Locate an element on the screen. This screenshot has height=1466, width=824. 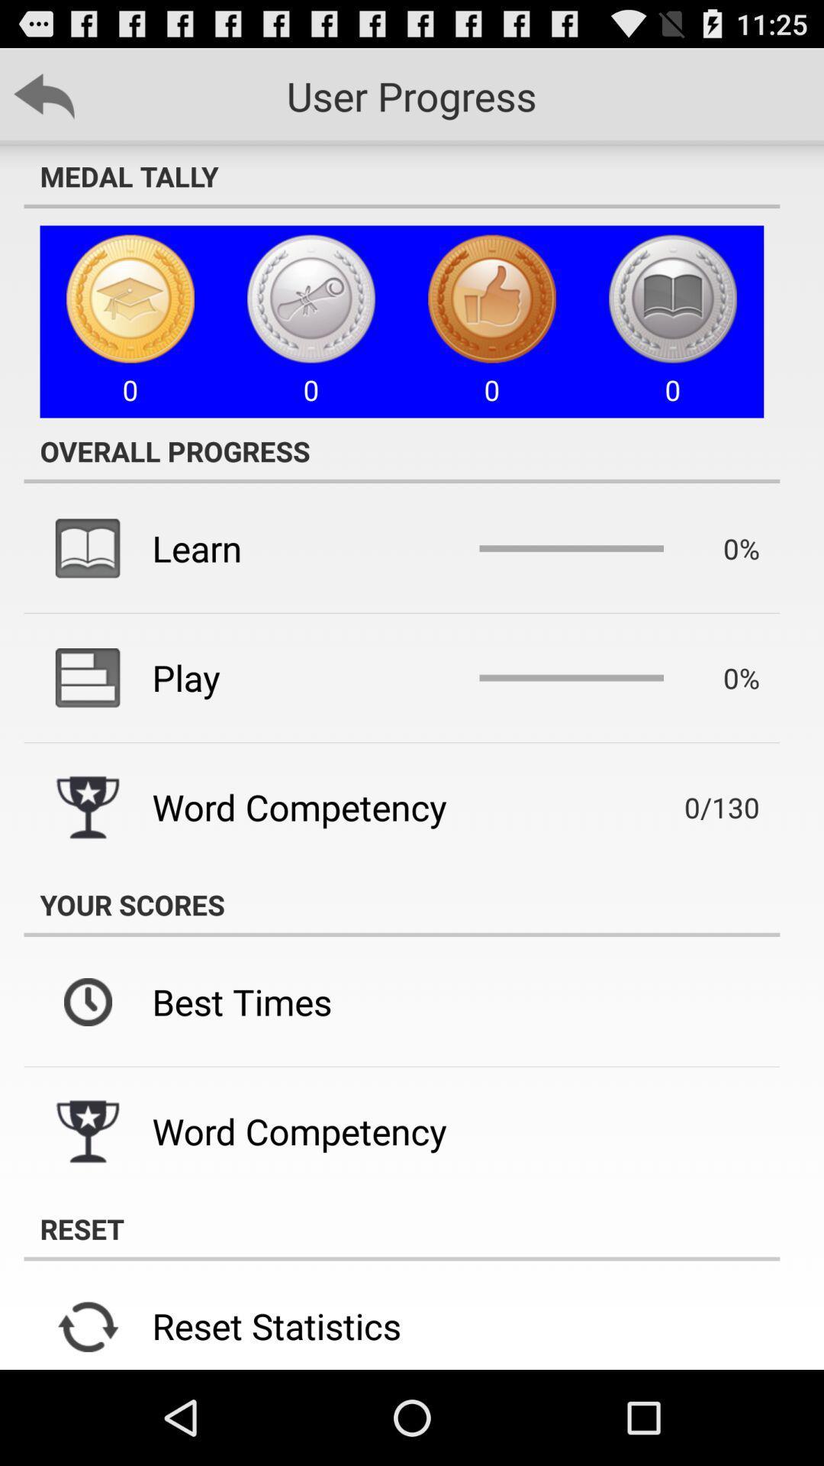
icon above play icon is located at coordinates (196, 548).